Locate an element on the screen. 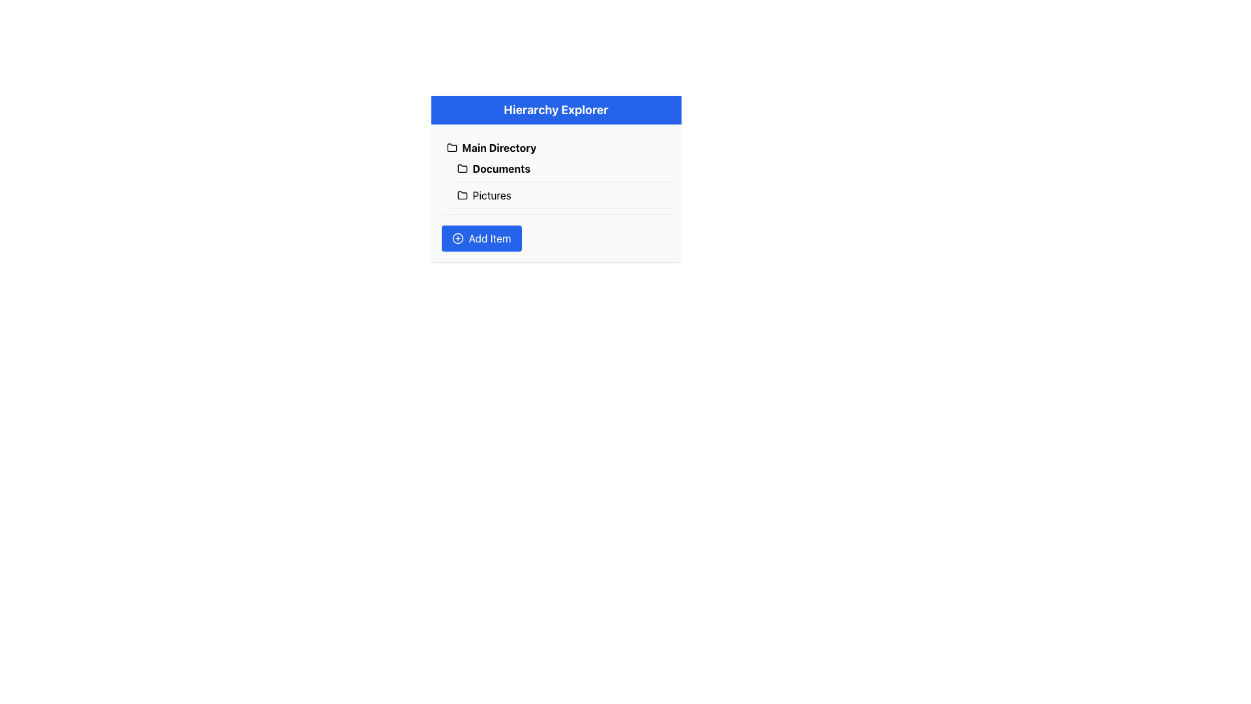 This screenshot has width=1251, height=704. the bold text 'Main Directory' is located at coordinates (498, 147).